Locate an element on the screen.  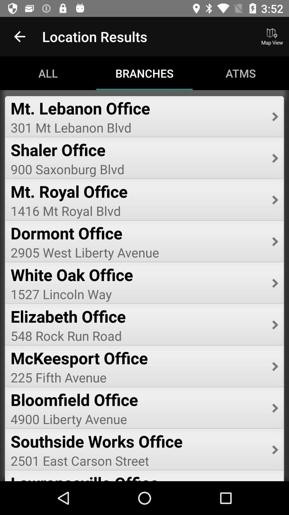
mckeesport office is located at coordinates (137, 358).